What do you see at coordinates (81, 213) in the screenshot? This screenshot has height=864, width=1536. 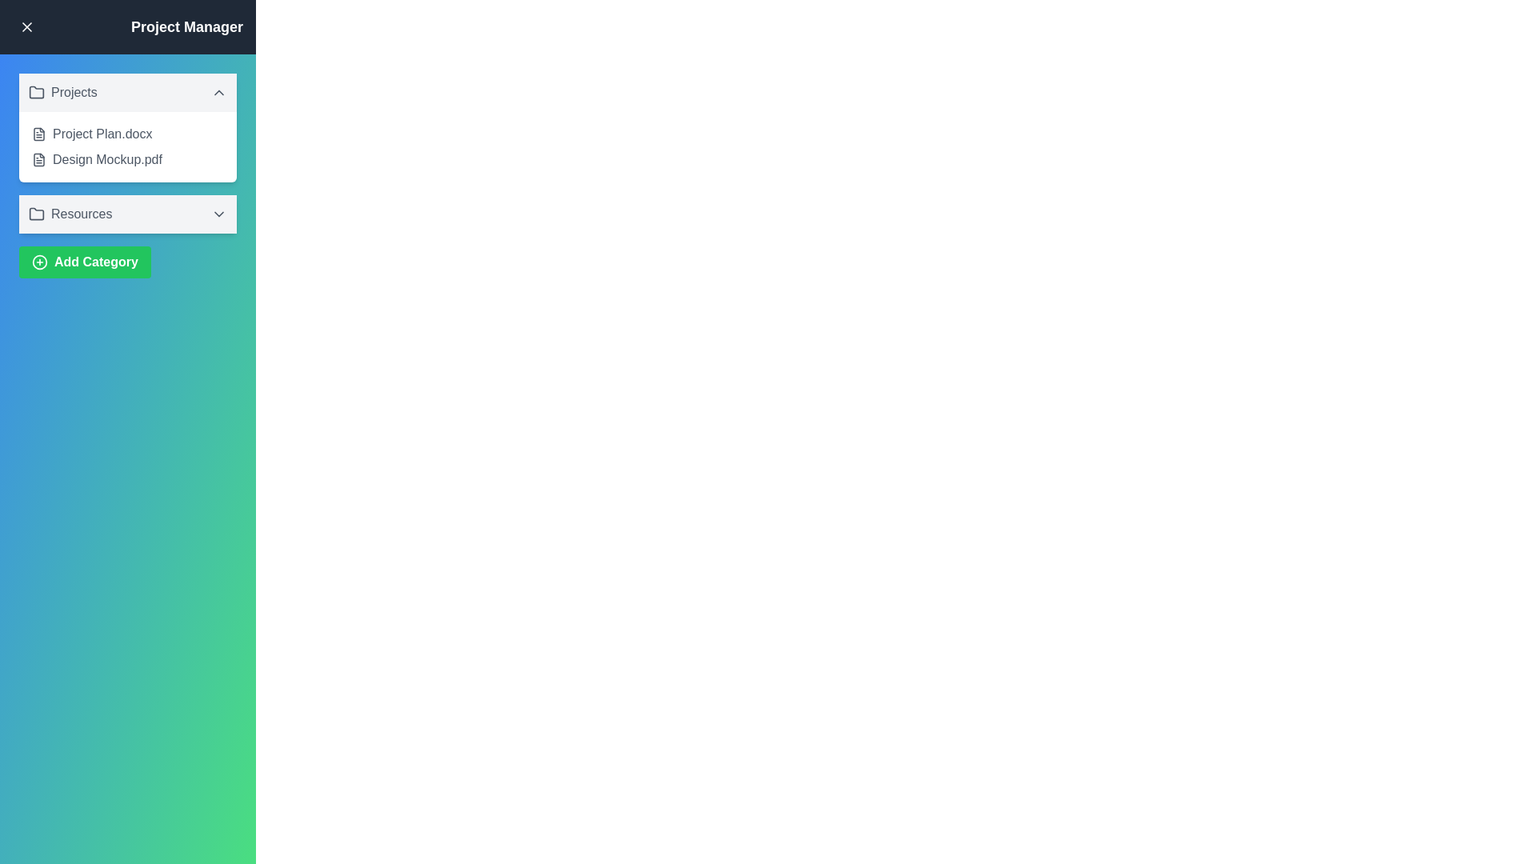 I see `the 'Resources' text label which is part of a collapsible menu in the left sidebar, located below the 'Projects' menu item` at bounding box center [81, 213].